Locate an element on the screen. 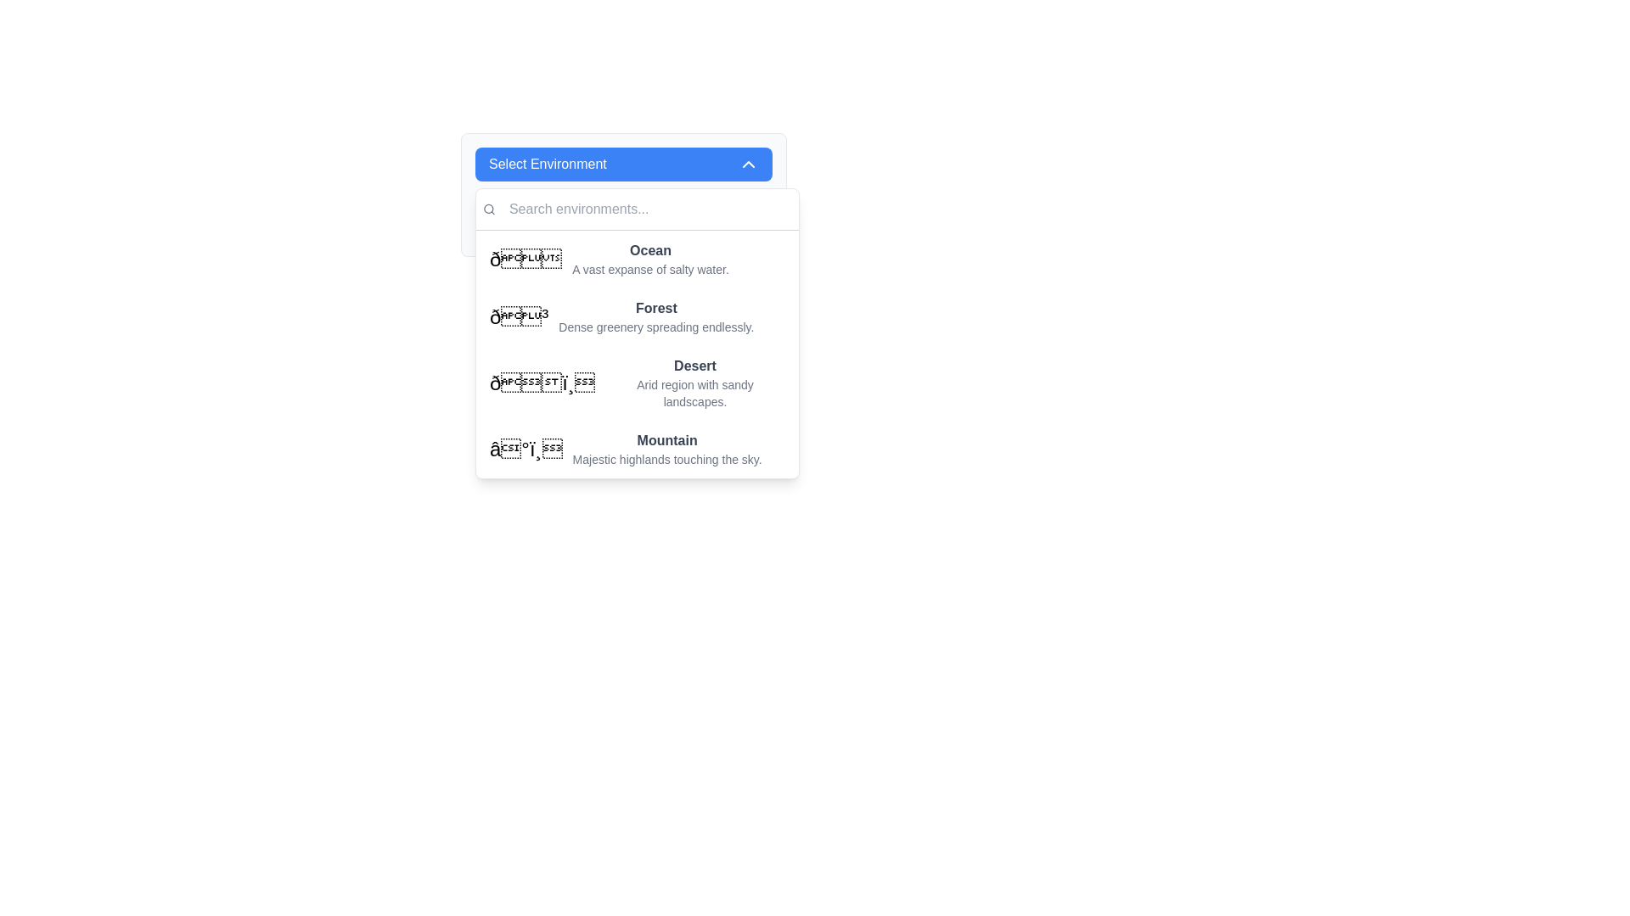  the dropdown list item titled 'Ocean' is located at coordinates (649, 259).